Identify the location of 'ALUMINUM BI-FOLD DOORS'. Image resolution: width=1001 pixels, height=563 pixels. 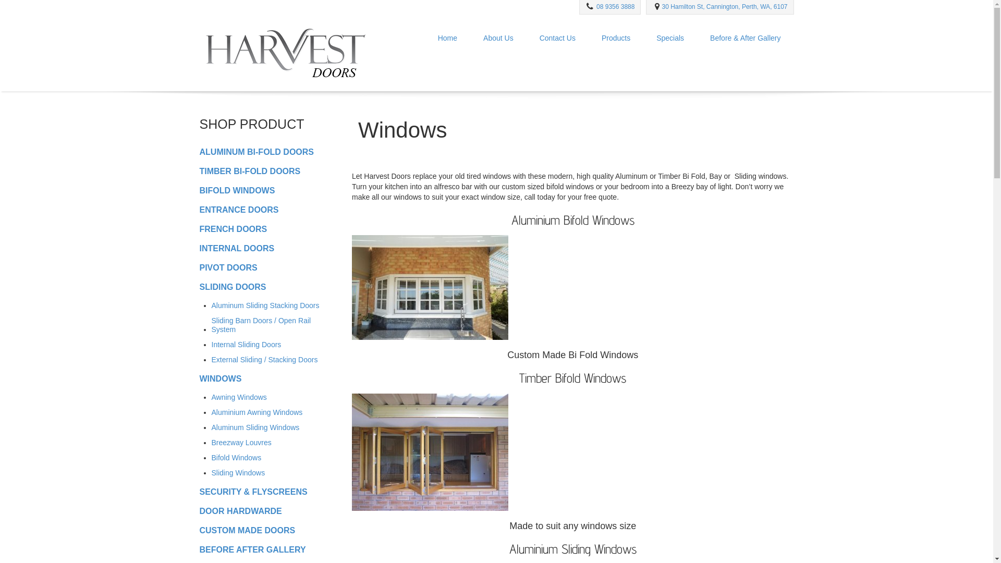
(256, 151).